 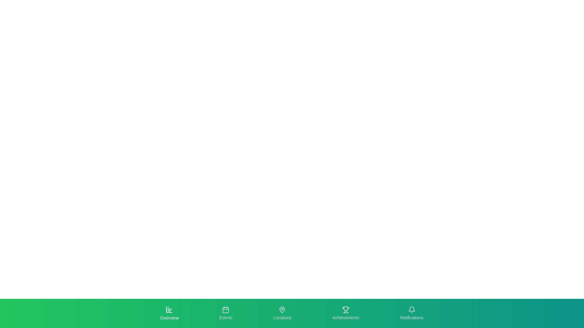 I want to click on the Locations tab to navigate to its respective section, so click(x=282, y=313).